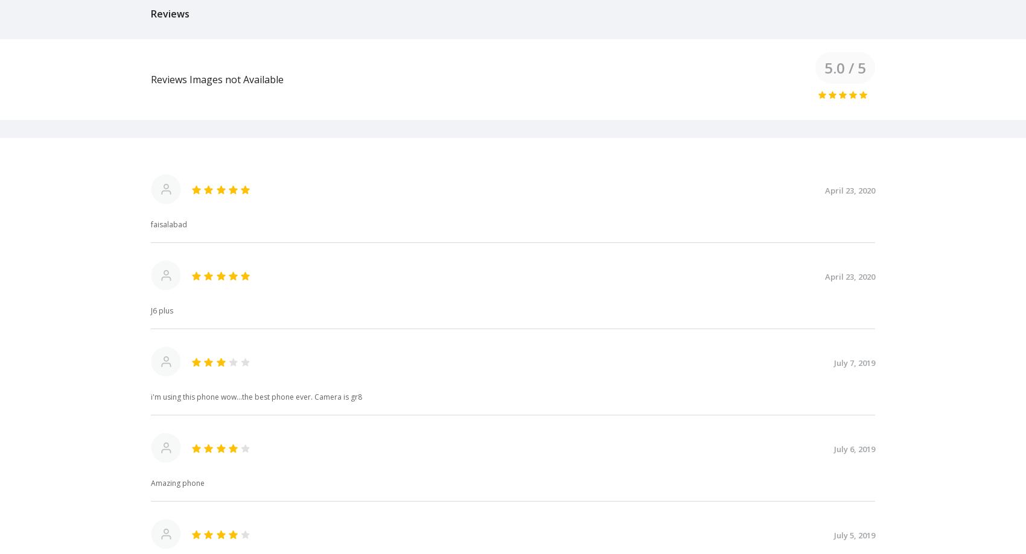  What do you see at coordinates (844, 66) in the screenshot?
I see `'5.0 / 5'` at bounding box center [844, 66].